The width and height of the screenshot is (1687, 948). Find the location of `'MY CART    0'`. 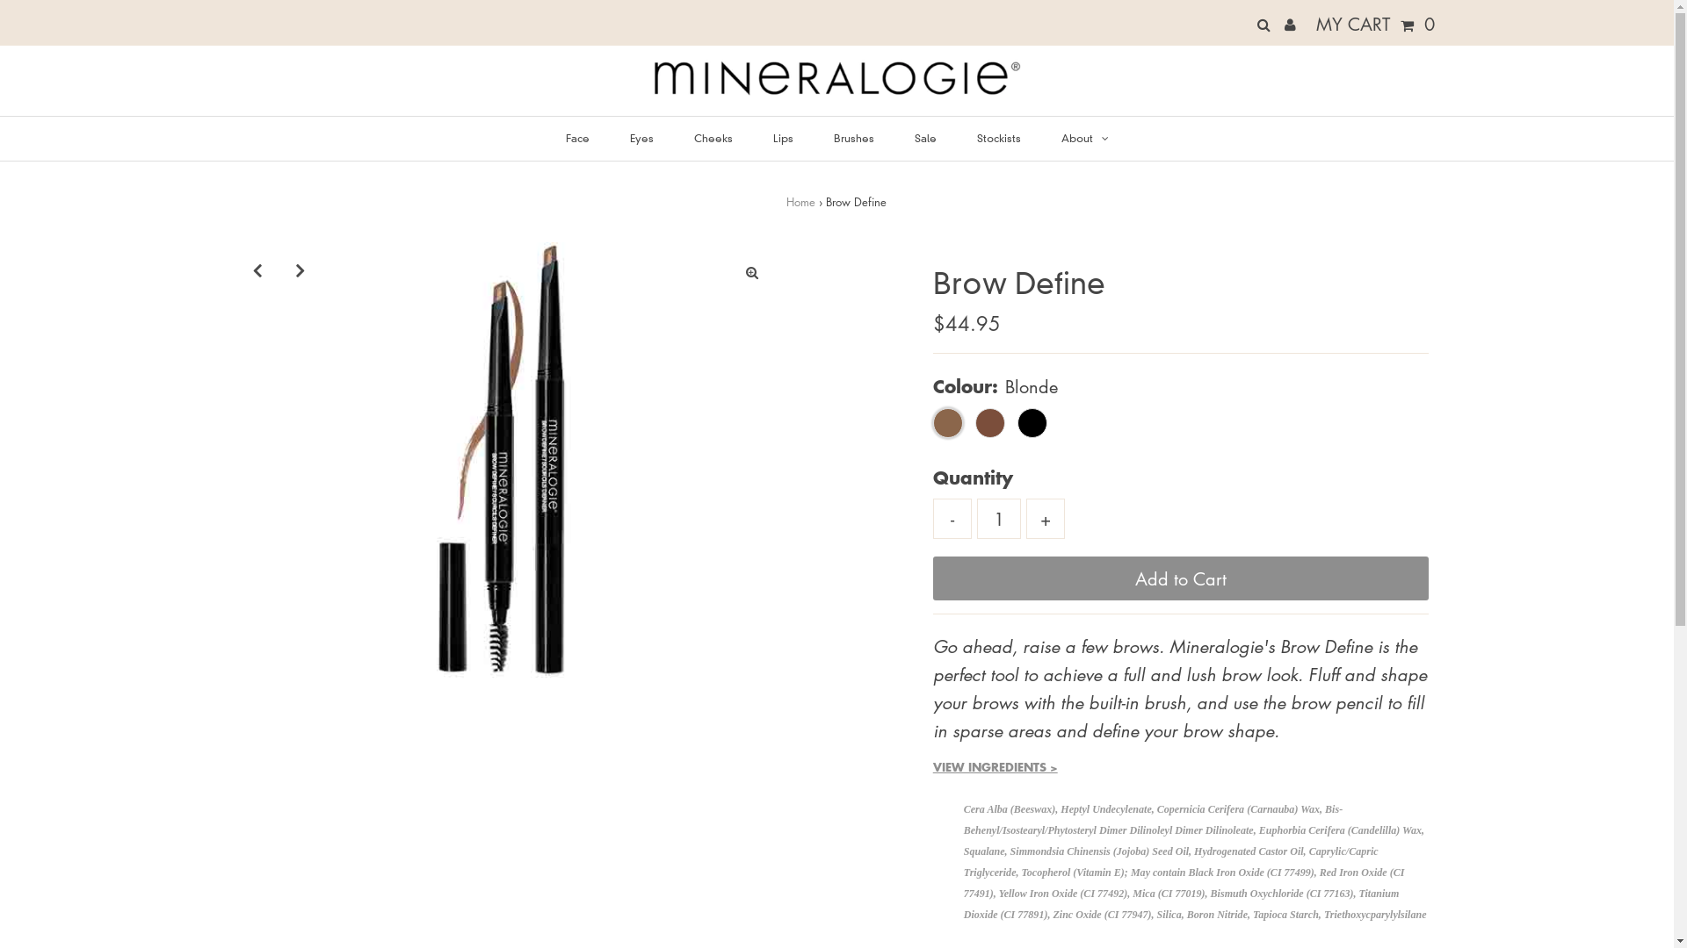

'MY CART    0' is located at coordinates (1311, 24).